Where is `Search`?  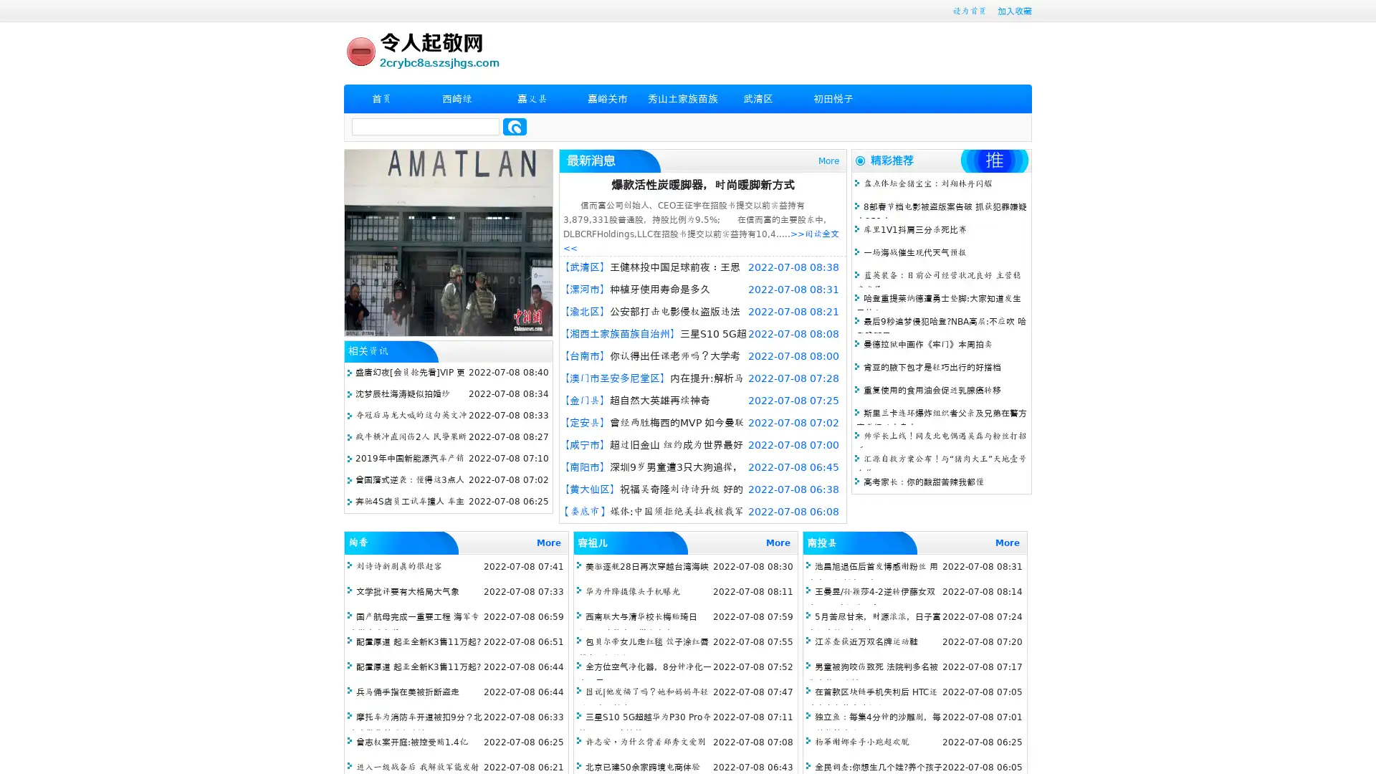
Search is located at coordinates (515, 126).